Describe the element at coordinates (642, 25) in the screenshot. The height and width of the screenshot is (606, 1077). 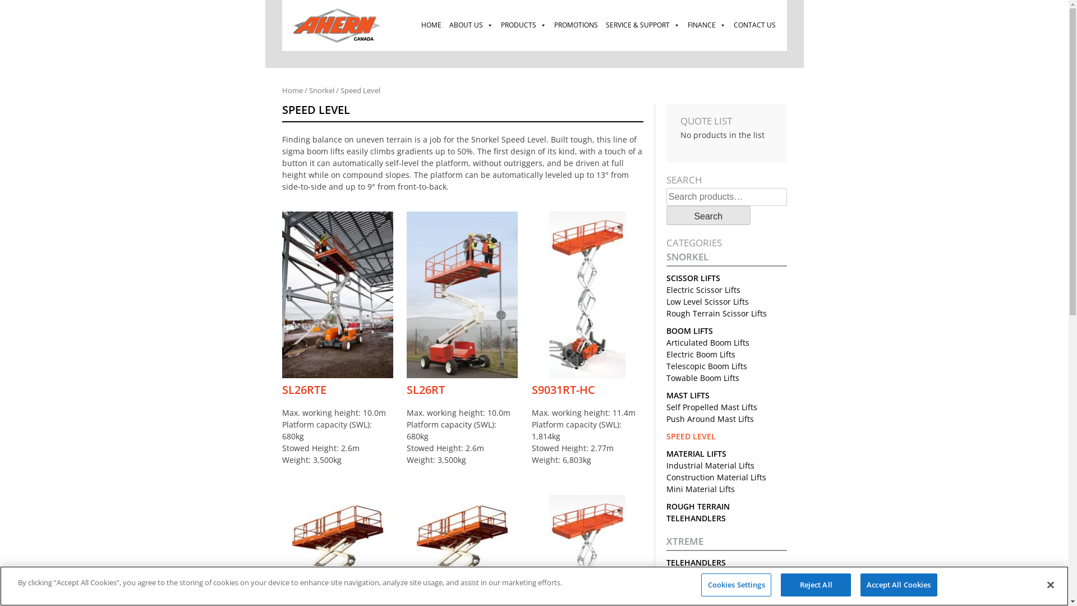
I see `'SERVICE & SUPPORT'` at that location.